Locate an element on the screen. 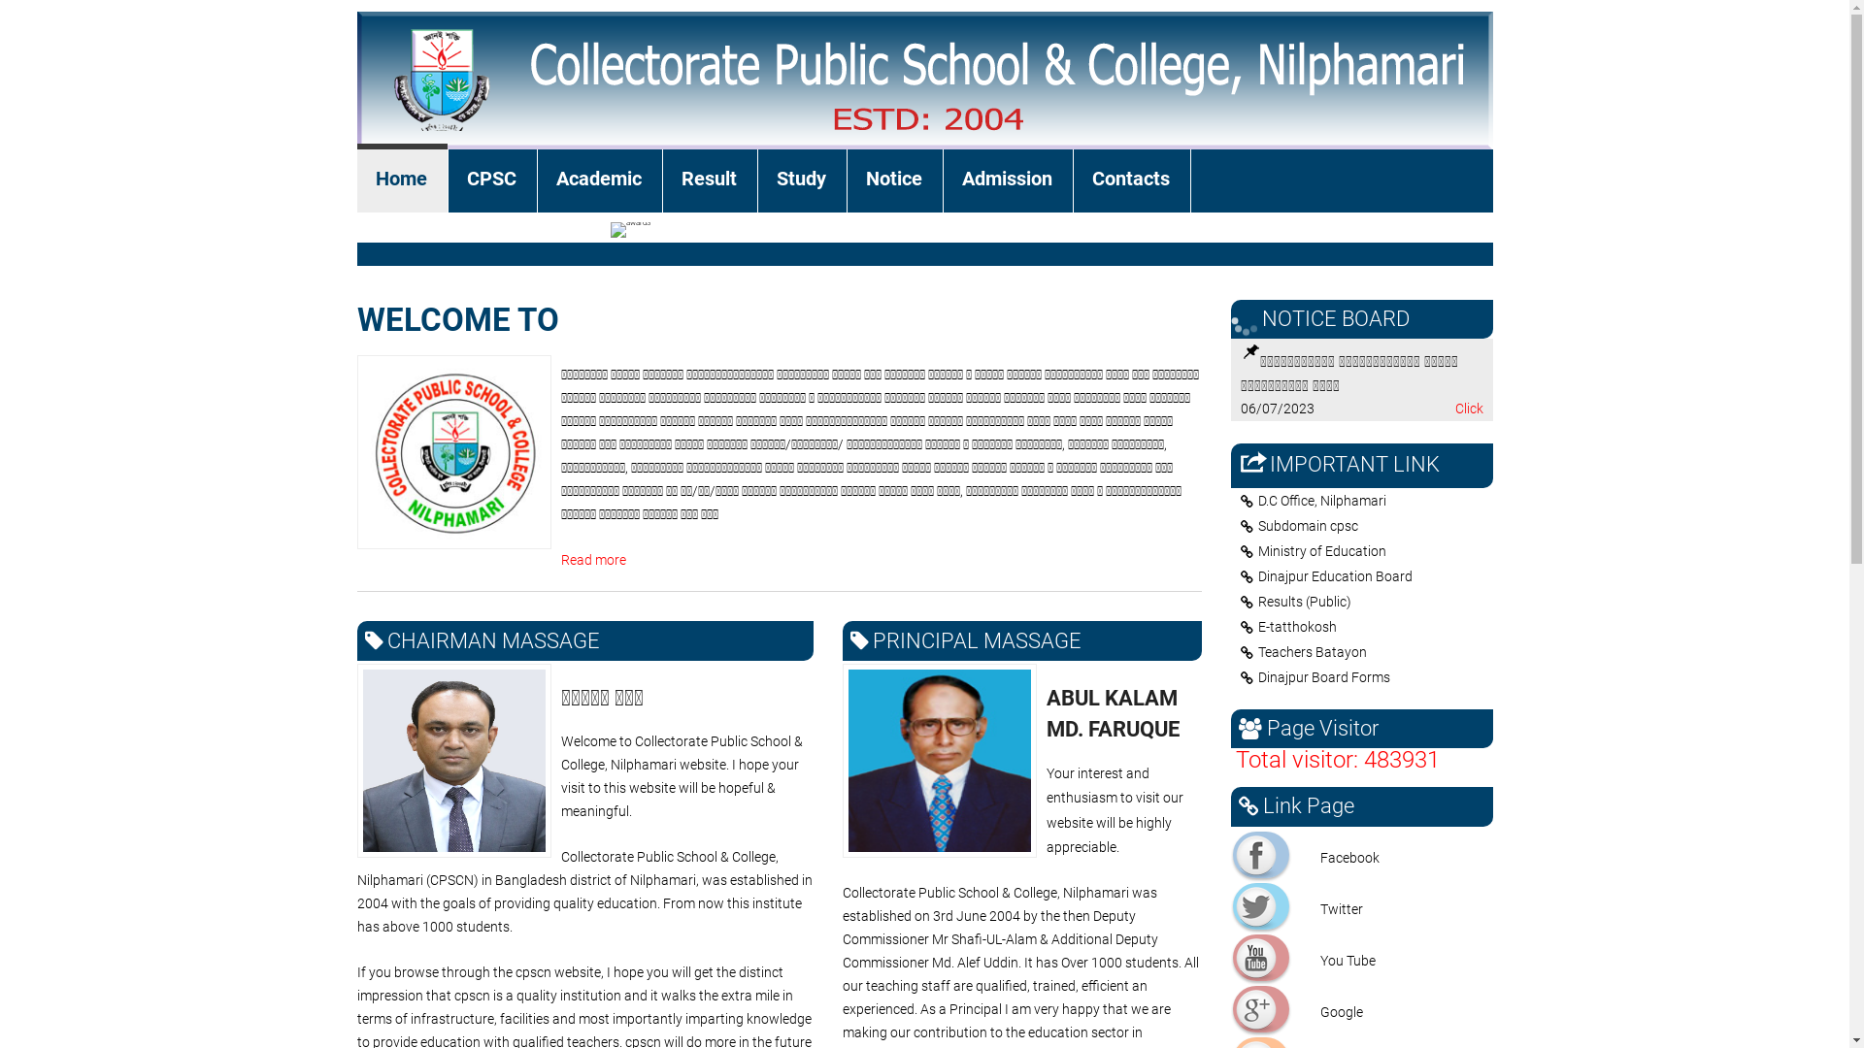 This screenshot has width=1864, height=1048. 'Dinajpur Education Board' is located at coordinates (1365, 575).